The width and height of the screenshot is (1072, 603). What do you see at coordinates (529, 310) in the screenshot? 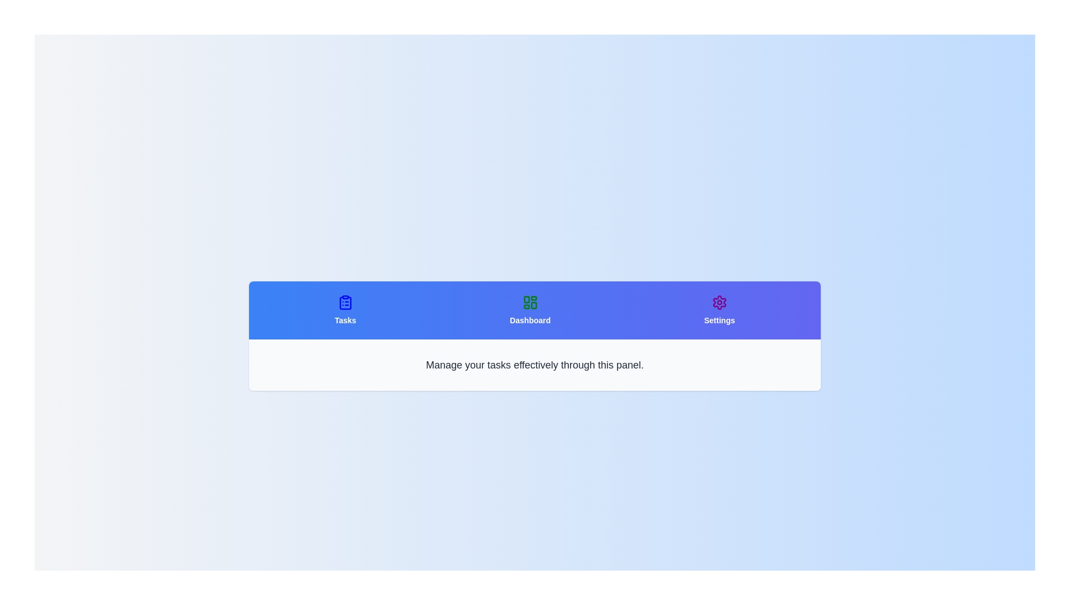
I see `the Dashboard tab to activate its content` at bounding box center [529, 310].